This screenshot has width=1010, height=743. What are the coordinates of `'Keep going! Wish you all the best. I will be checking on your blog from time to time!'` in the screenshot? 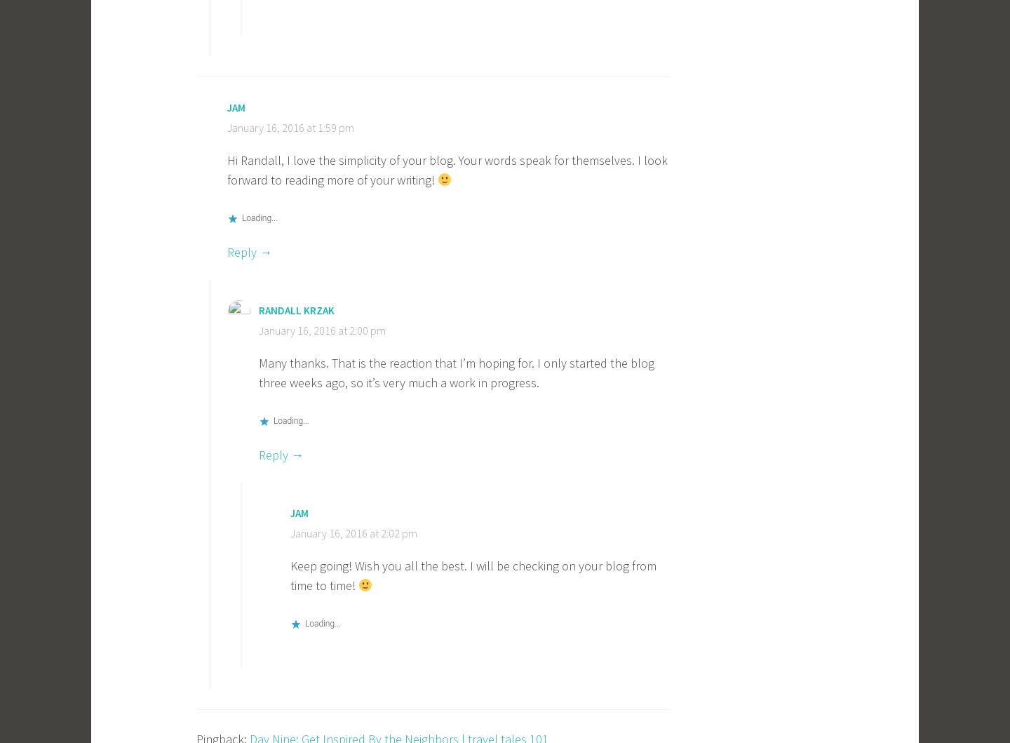 It's located at (473, 574).